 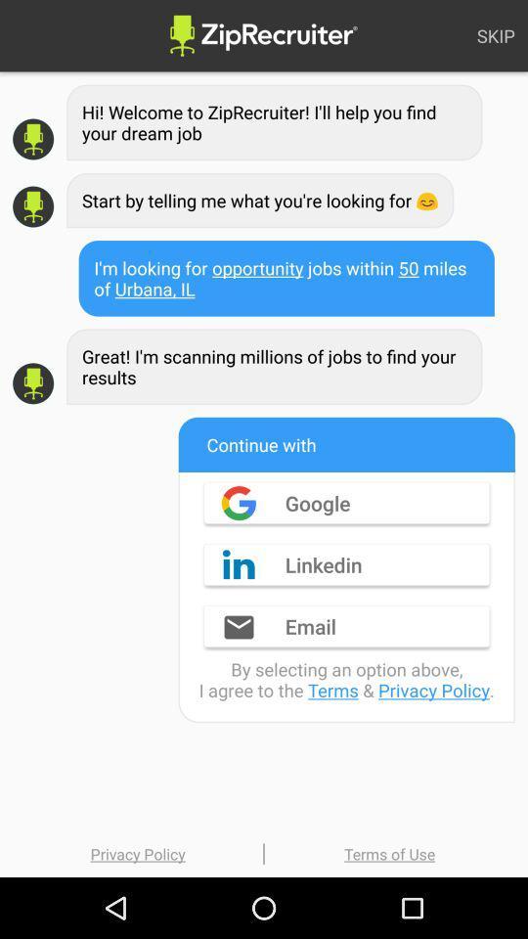 I want to click on item below the by selecting an item, so click(x=389, y=853).